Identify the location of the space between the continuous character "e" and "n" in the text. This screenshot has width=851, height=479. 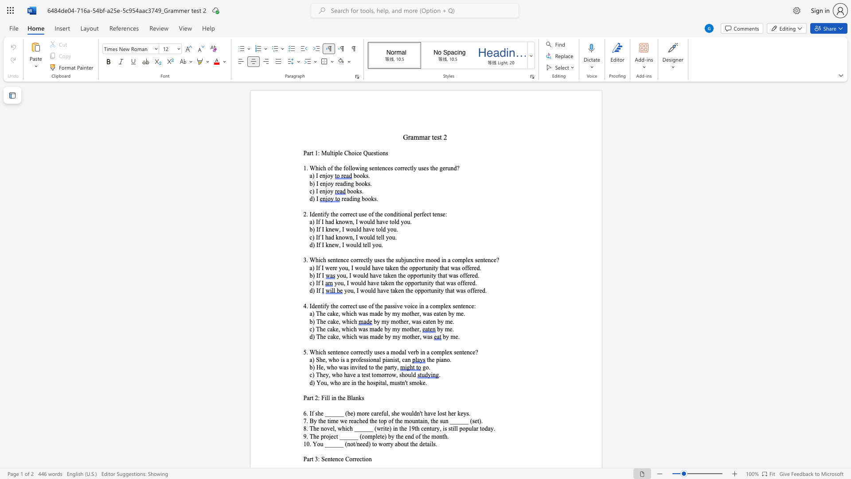
(322, 183).